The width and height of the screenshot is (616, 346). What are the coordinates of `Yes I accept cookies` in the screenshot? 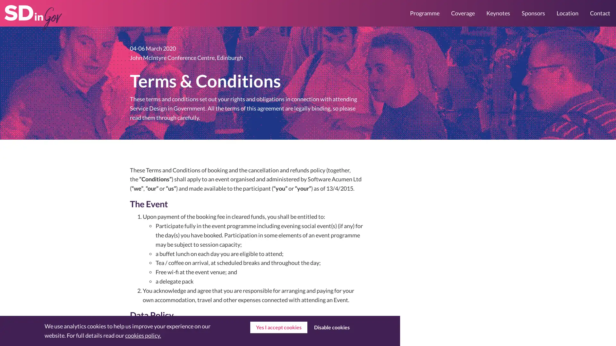 It's located at (278, 327).